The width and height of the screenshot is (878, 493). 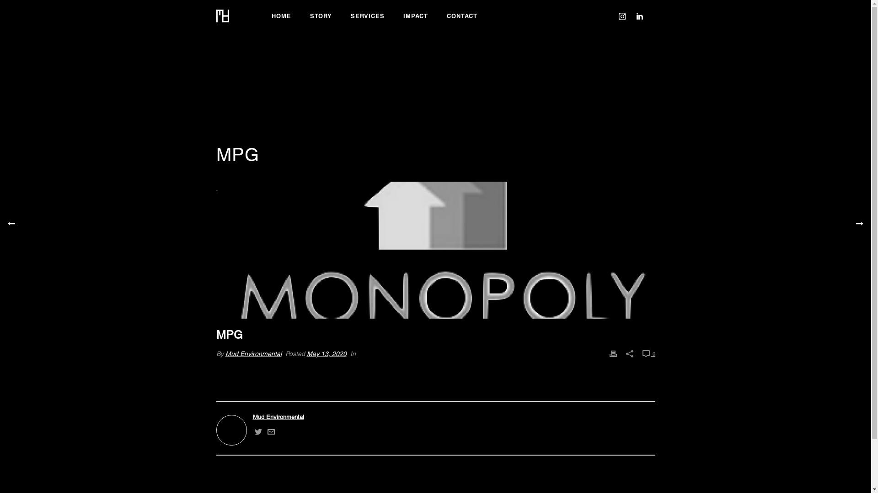 What do you see at coordinates (267, 433) in the screenshot?
I see `'Get in touch with me via email'` at bounding box center [267, 433].